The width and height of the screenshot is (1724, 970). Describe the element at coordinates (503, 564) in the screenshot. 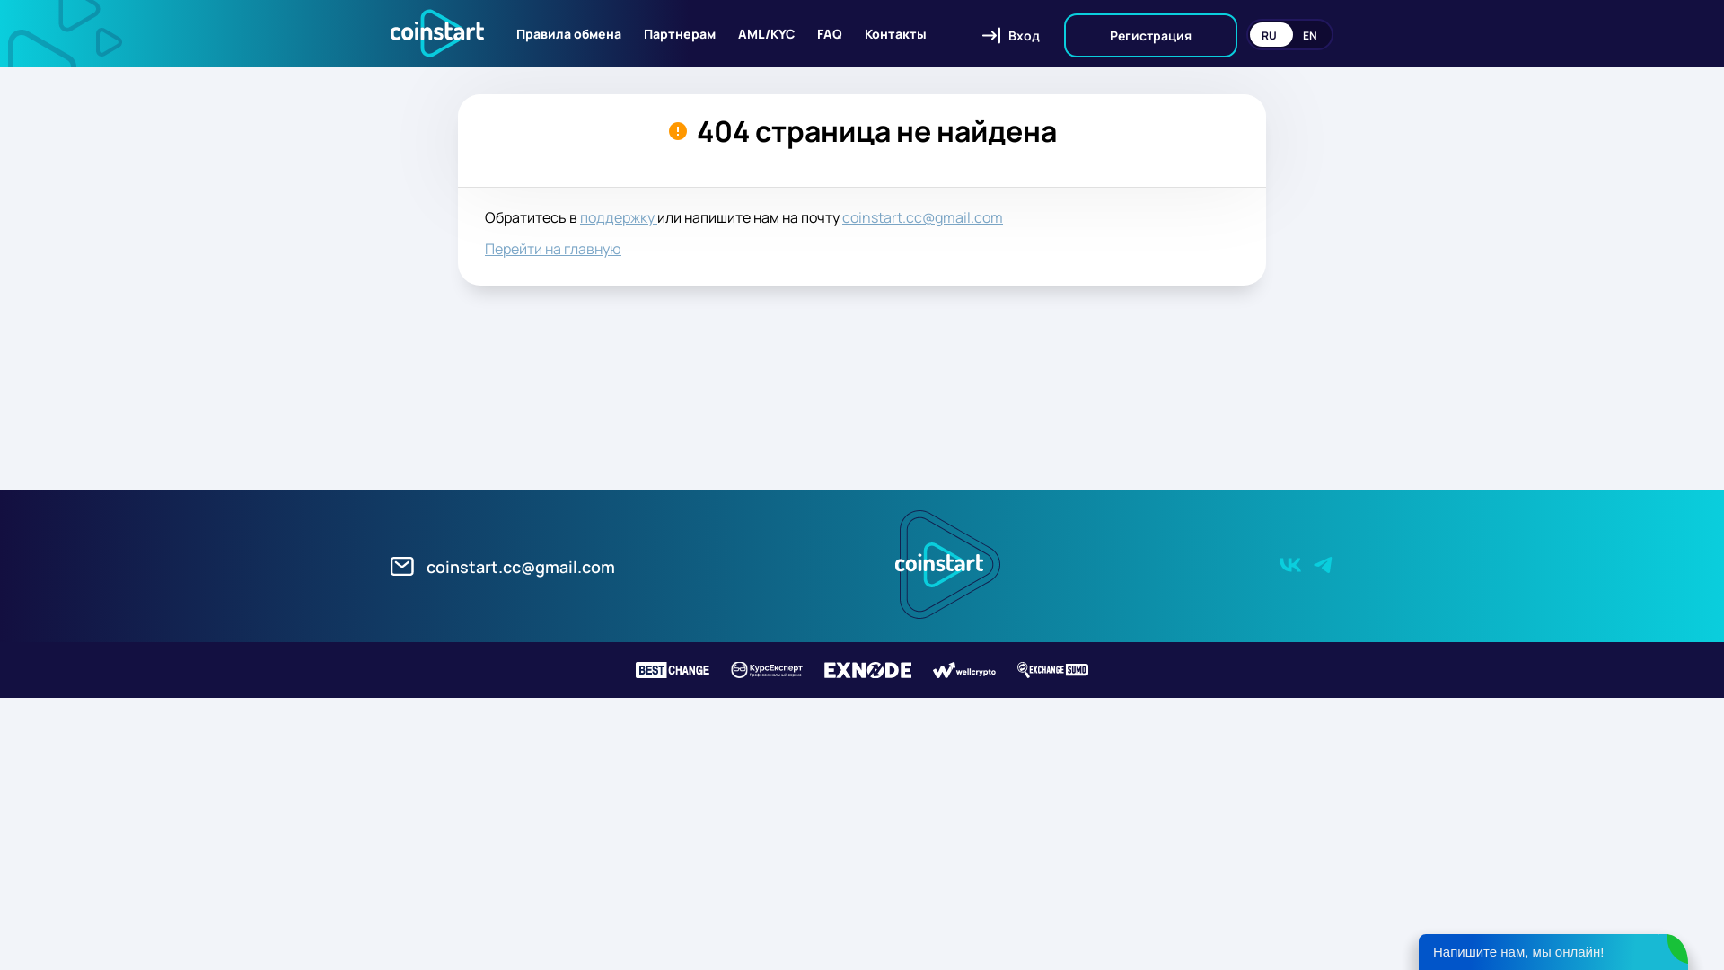

I see `'coinstart.cc@gmail.com'` at that location.